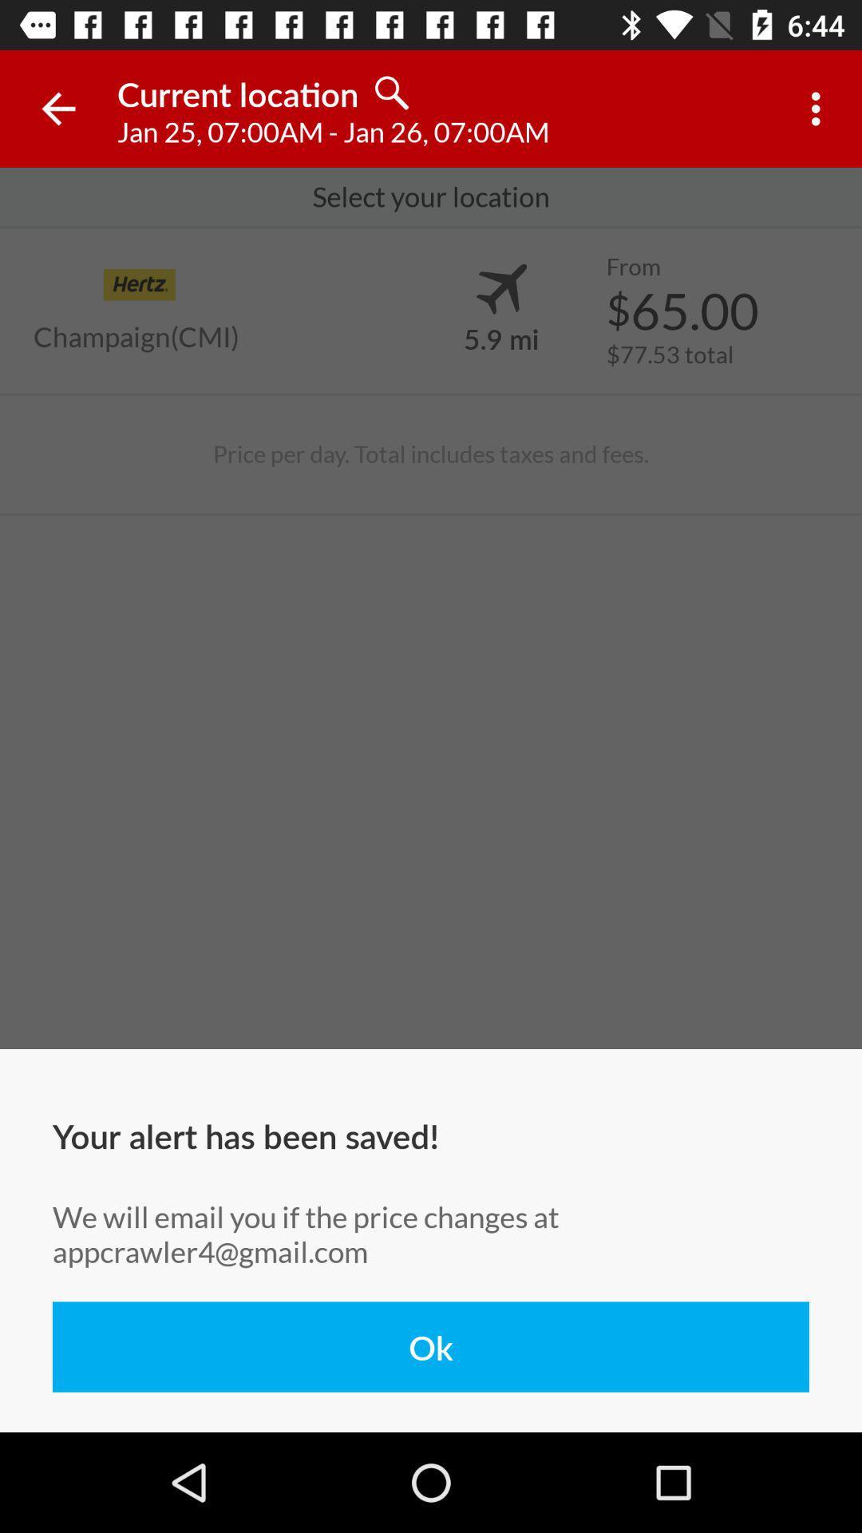 The image size is (862, 1533). I want to click on the item above price per day, so click(135, 336).